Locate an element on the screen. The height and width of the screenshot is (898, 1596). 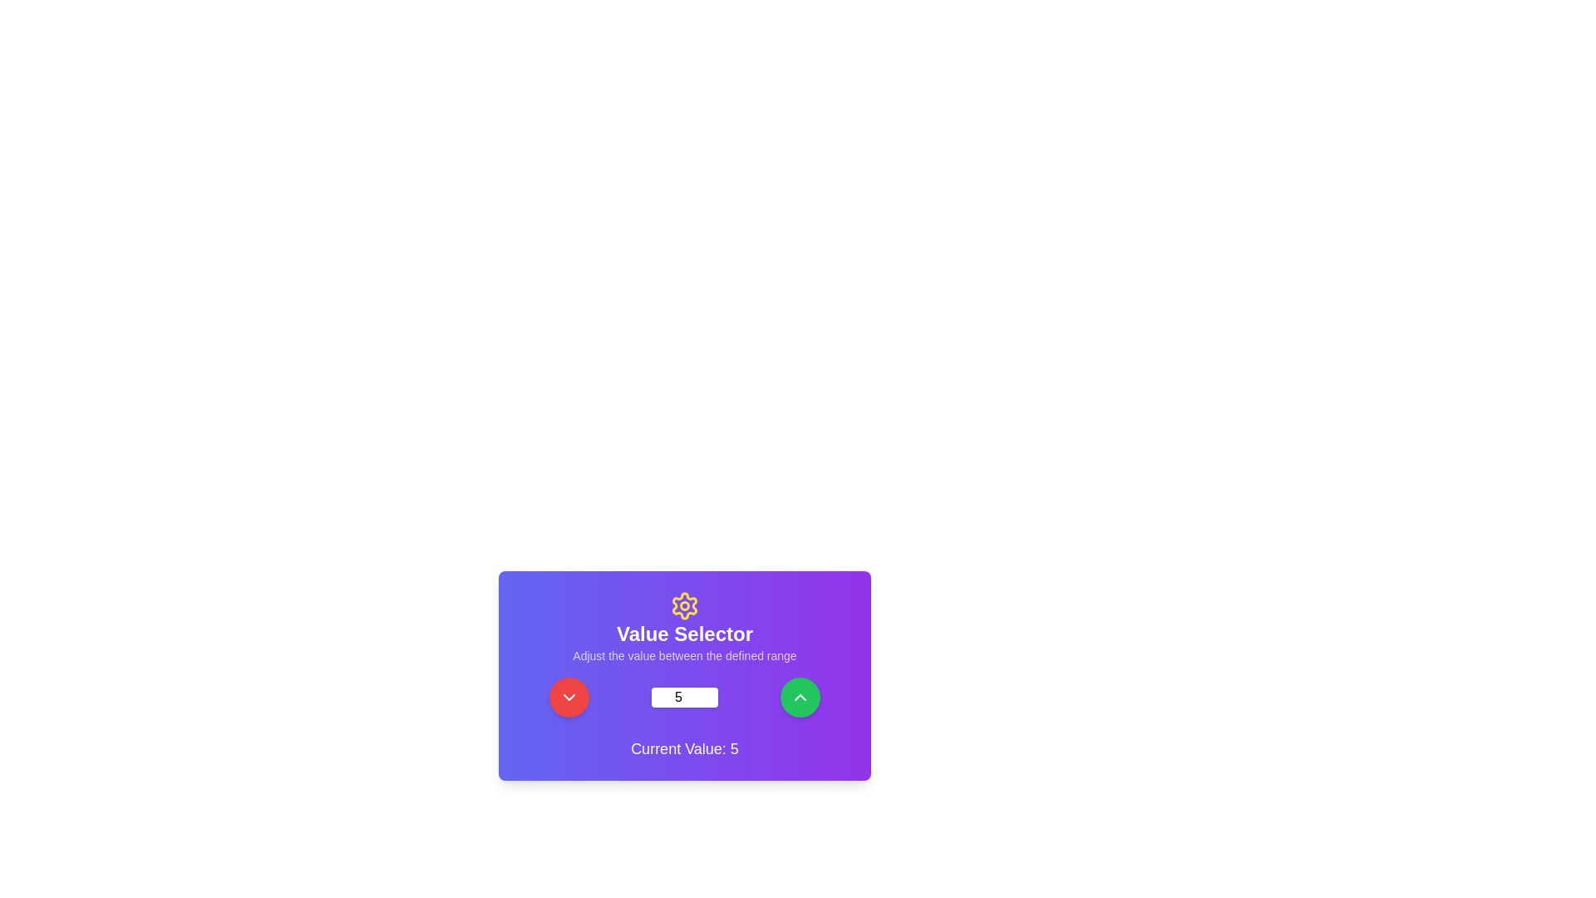
the static text display showing the numeral '5' in white on a purple background, located next to the label 'Current Value:' in the lower section of the purple panel is located at coordinates (733, 749).